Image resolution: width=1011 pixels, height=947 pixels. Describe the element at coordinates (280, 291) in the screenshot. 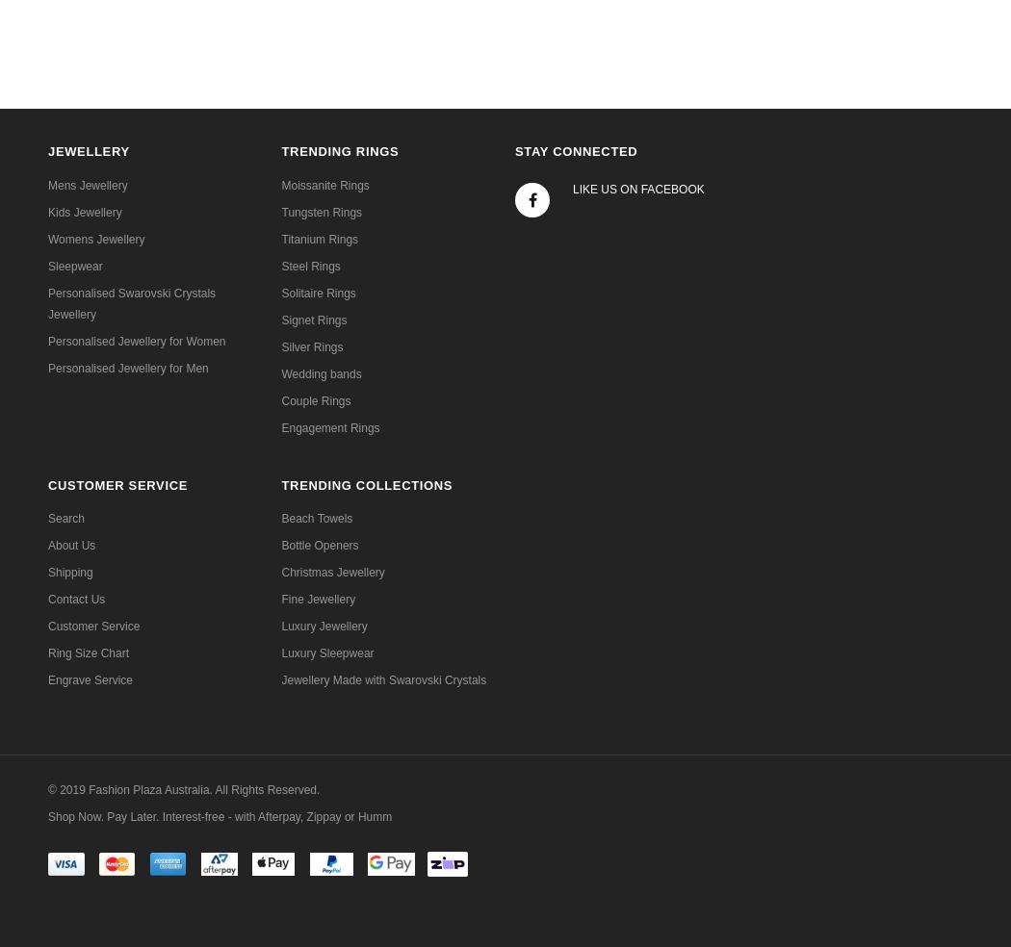

I see `'Solitaire Rings'` at that location.